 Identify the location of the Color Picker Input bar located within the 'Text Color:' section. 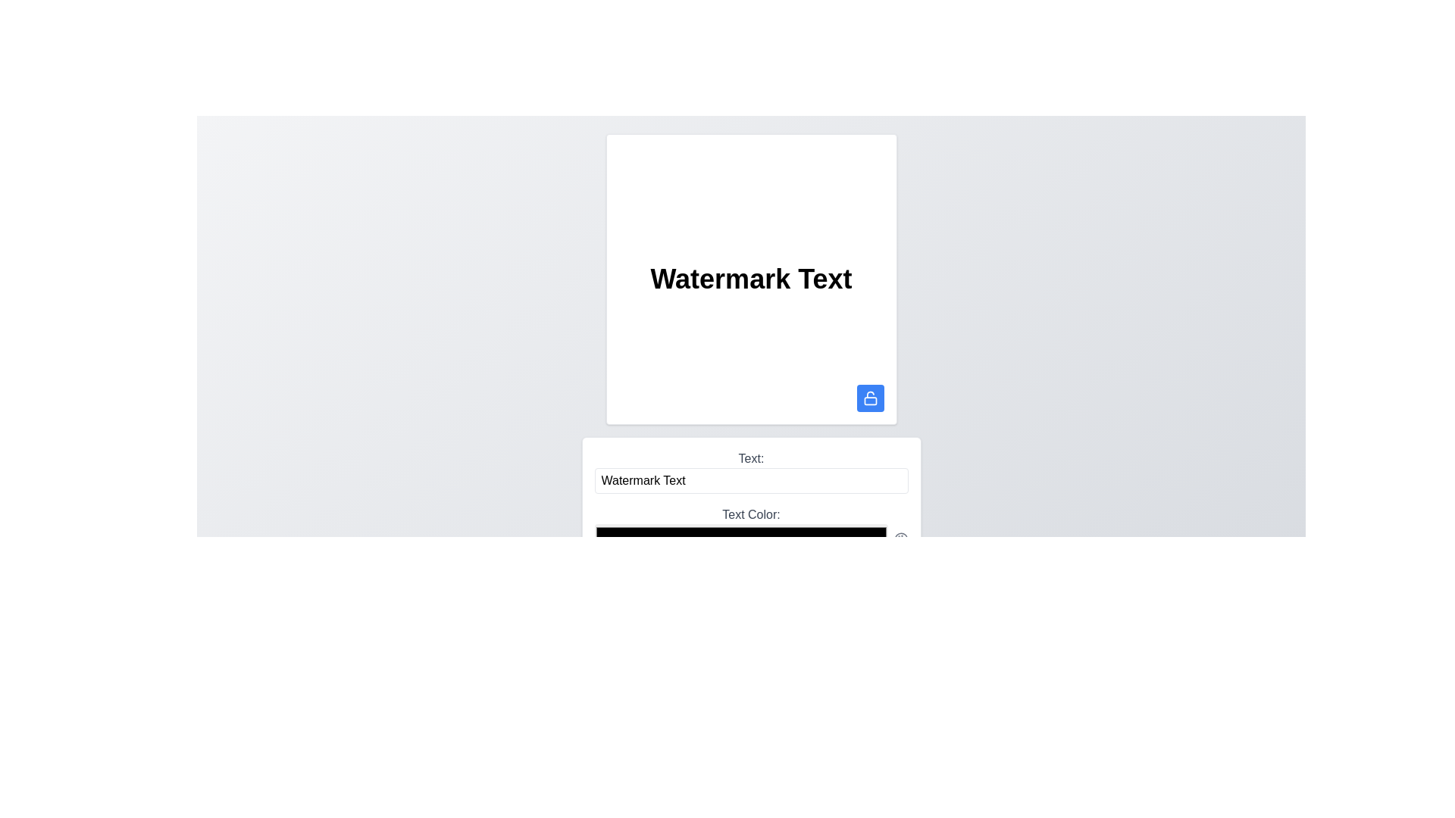
(741, 539).